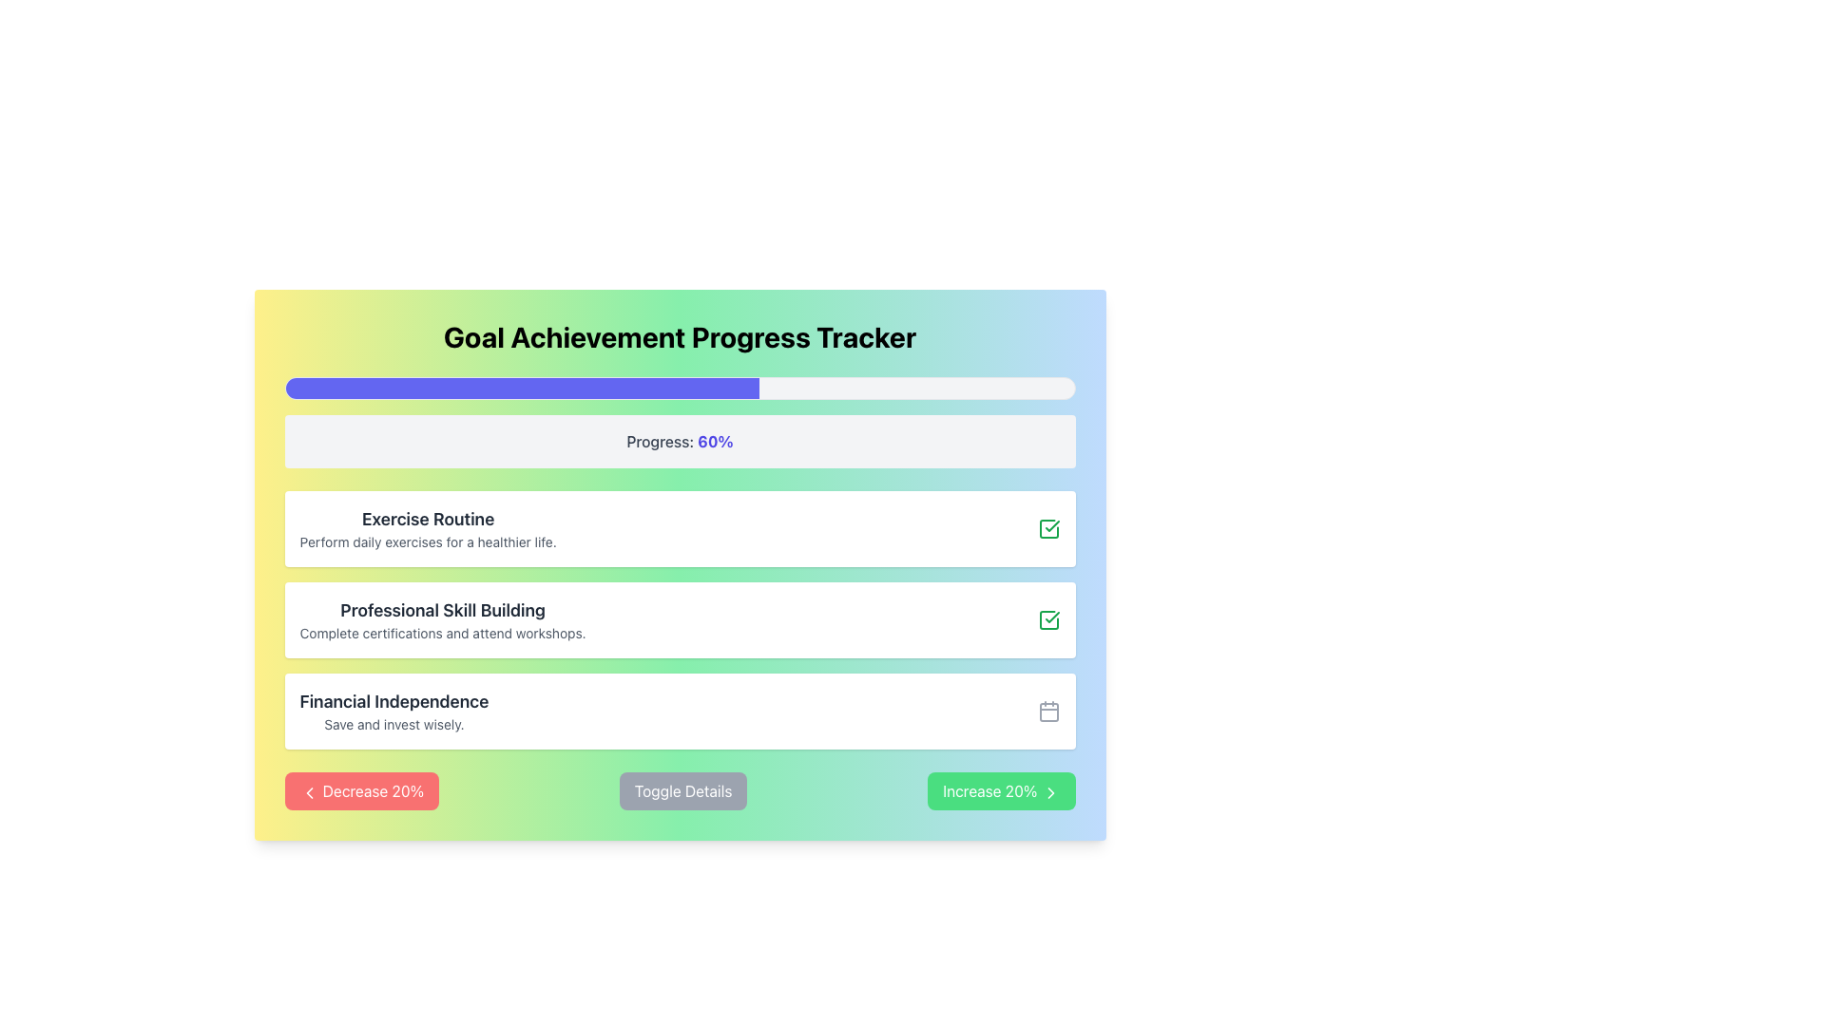  What do you see at coordinates (1049, 792) in the screenshot?
I see `the Chevron Right icon located within the green button labeled 'Increase 20%' at the bottom-right corner` at bounding box center [1049, 792].